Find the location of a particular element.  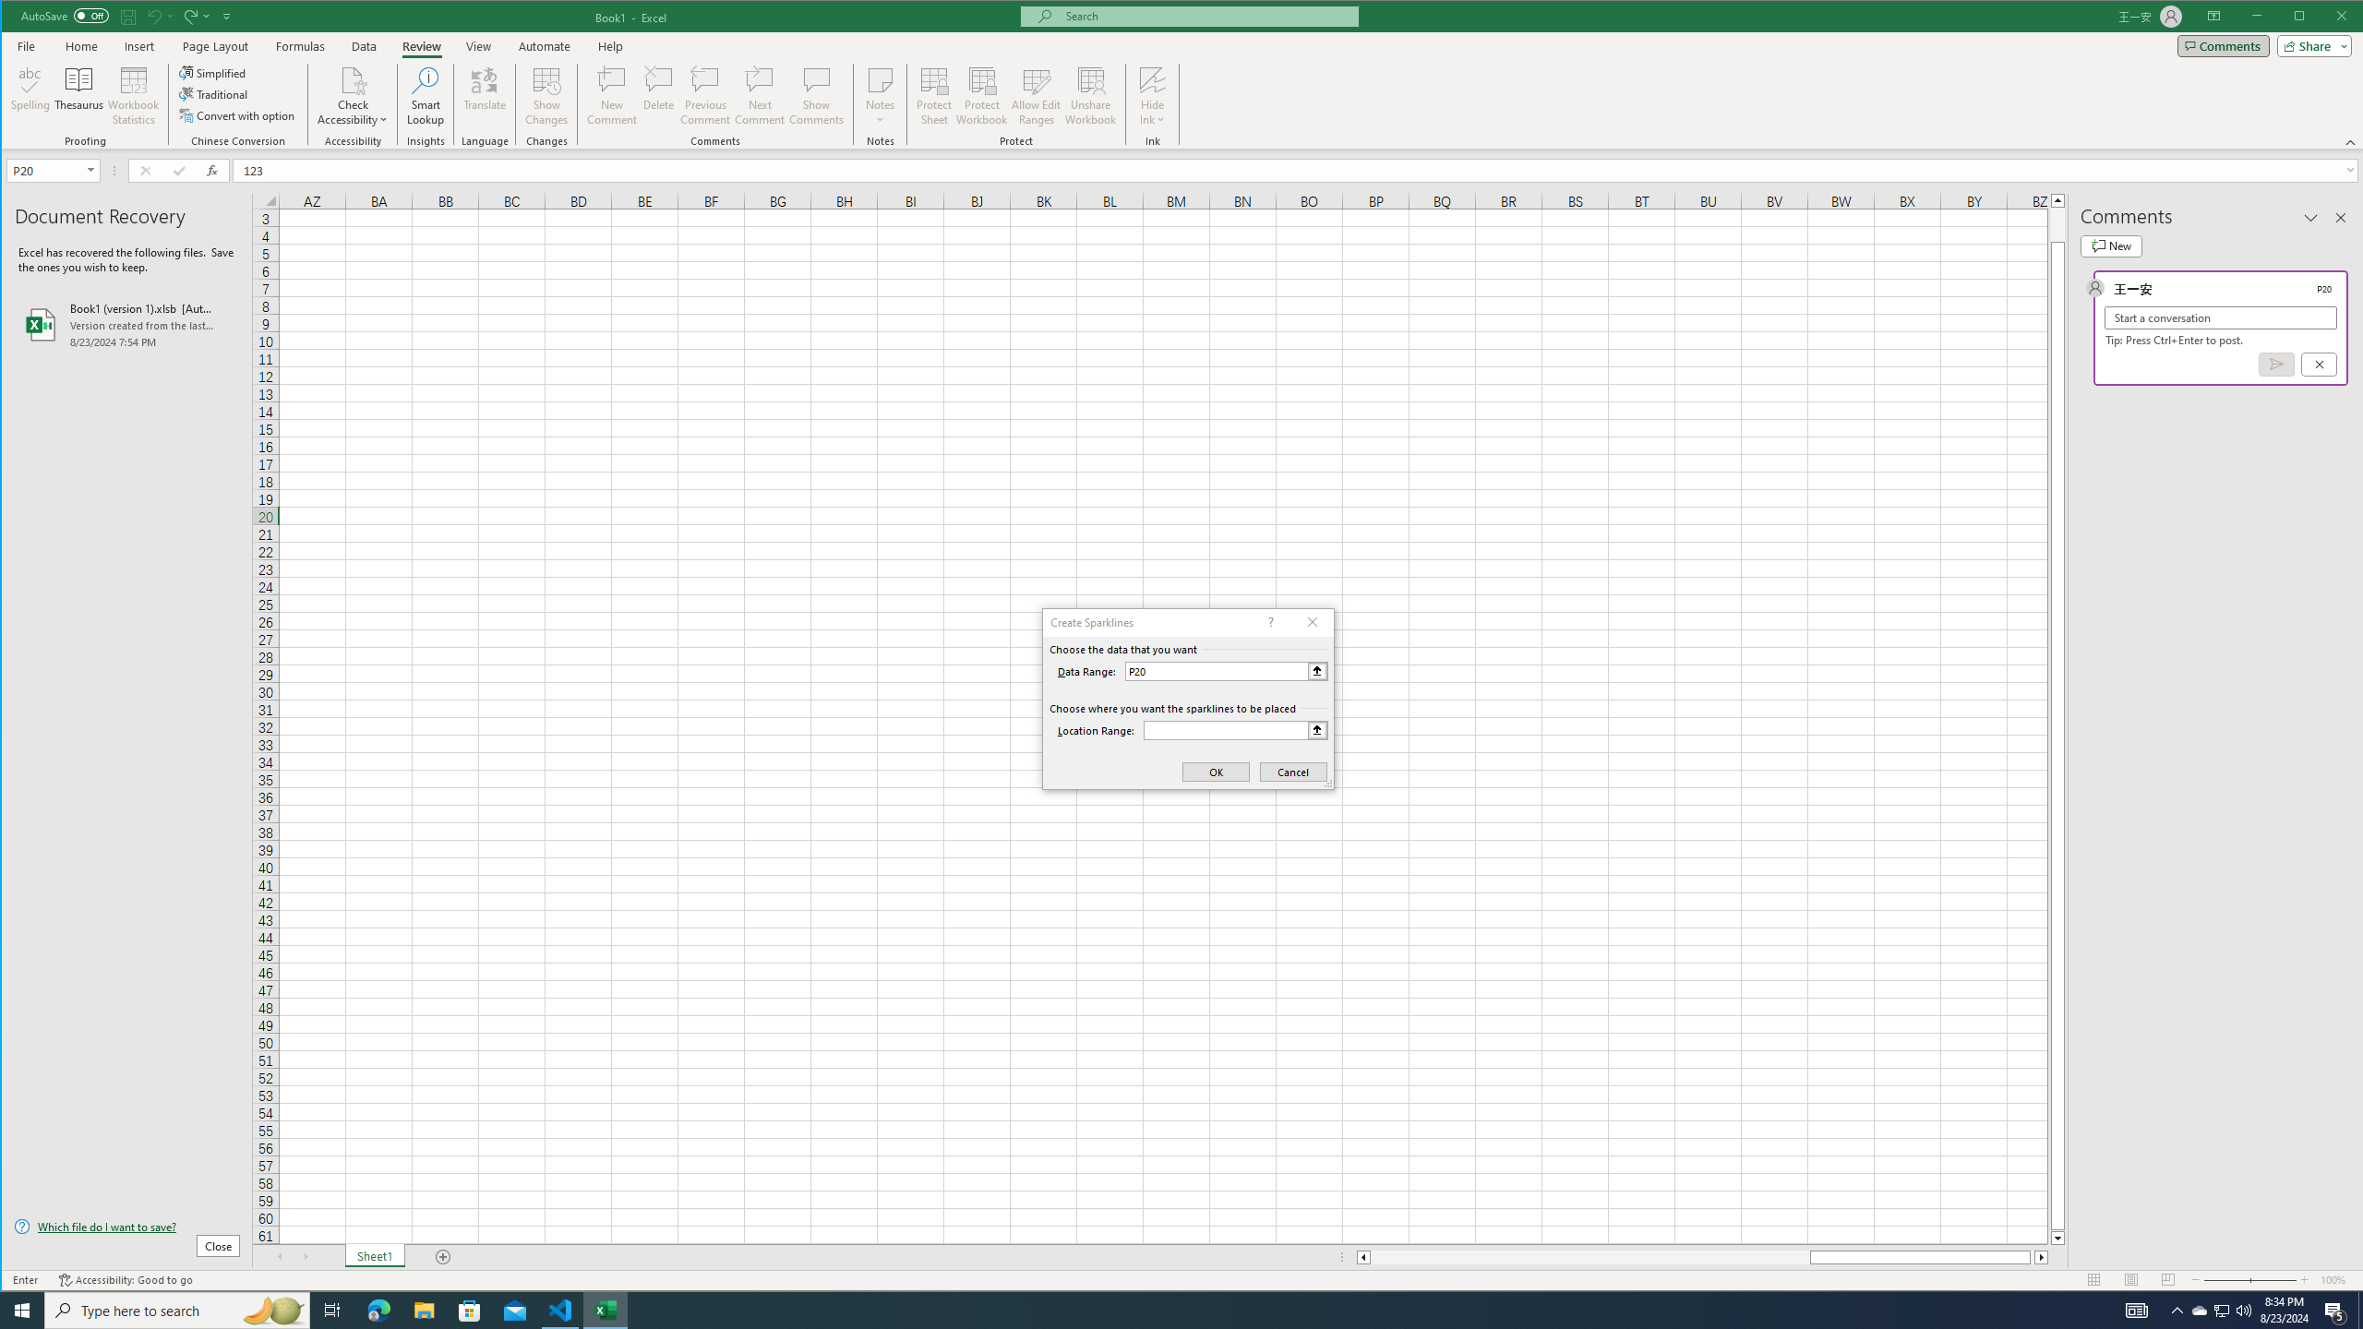

'Spelling...' is located at coordinates (30, 95).